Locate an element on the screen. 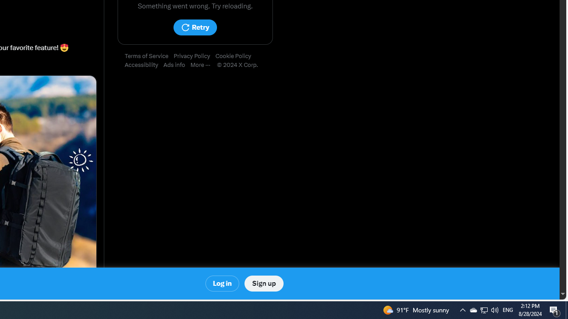  'Ads info' is located at coordinates (177, 65).